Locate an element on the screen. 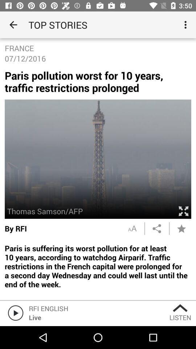 Image resolution: width=196 pixels, height=349 pixels. the share icon is located at coordinates (156, 228).